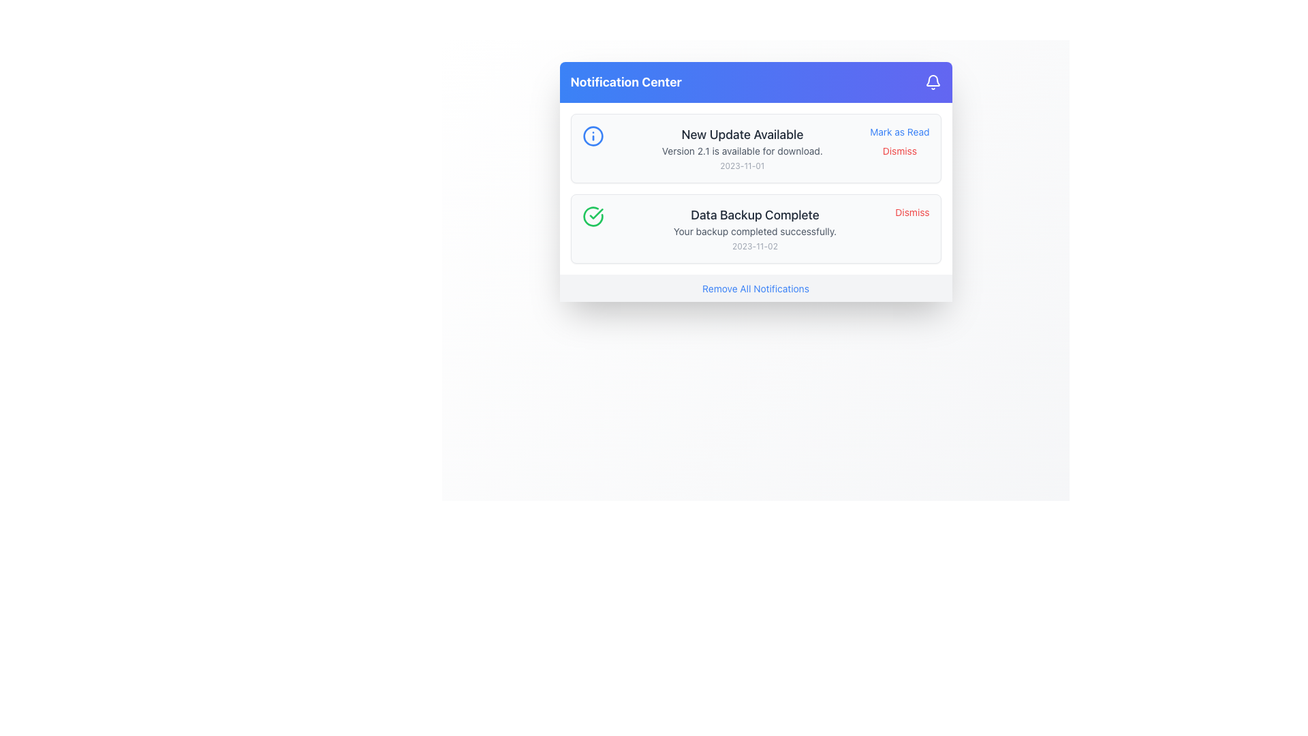 This screenshot has height=736, width=1308. I want to click on the 'Remove All Notifications' text link styled as an interactive button at the center of the notification panel to clear all notifications, so click(755, 288).